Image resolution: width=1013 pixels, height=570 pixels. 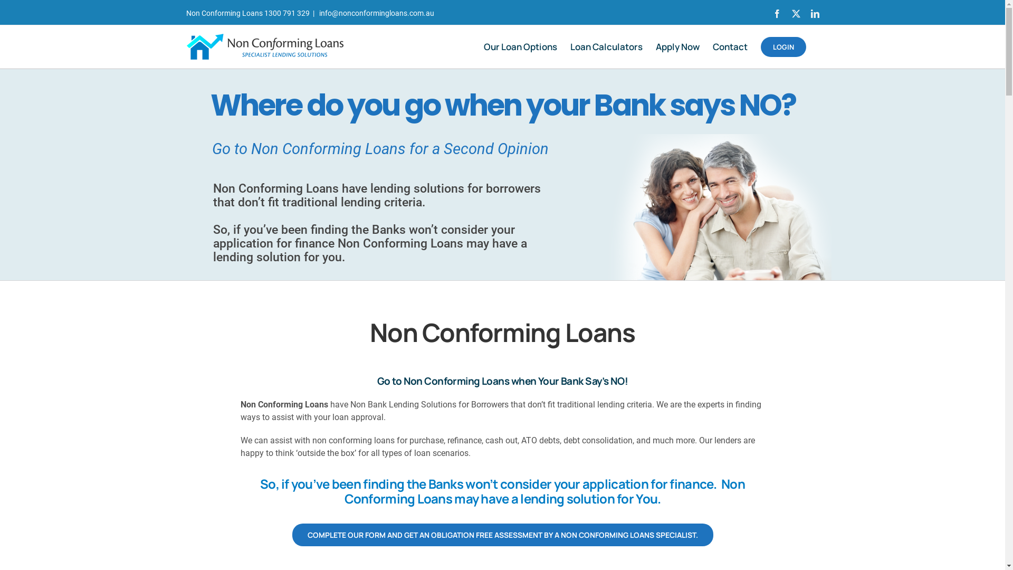 I want to click on 'Loan Calculators', so click(x=606, y=46).